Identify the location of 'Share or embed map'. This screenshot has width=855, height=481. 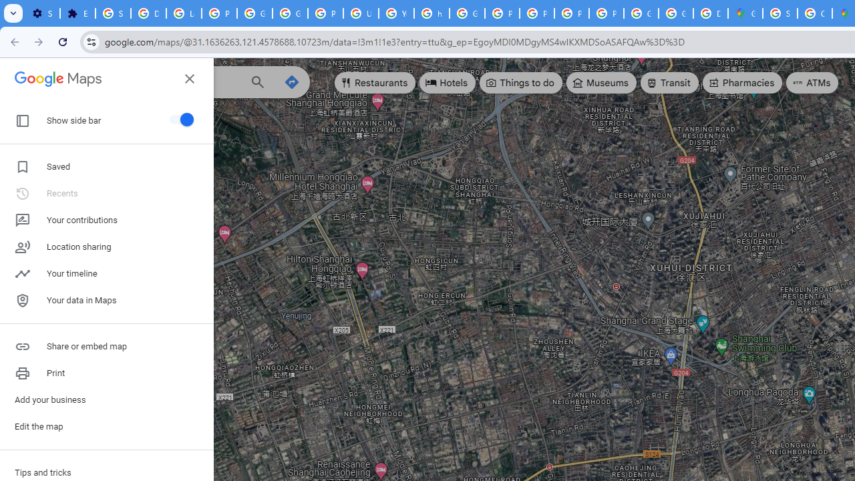
(107, 346).